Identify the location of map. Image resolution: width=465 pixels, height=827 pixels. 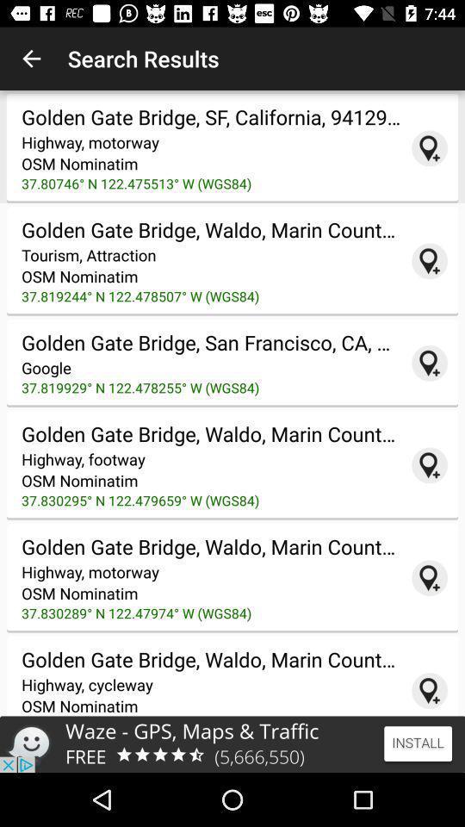
(429, 363).